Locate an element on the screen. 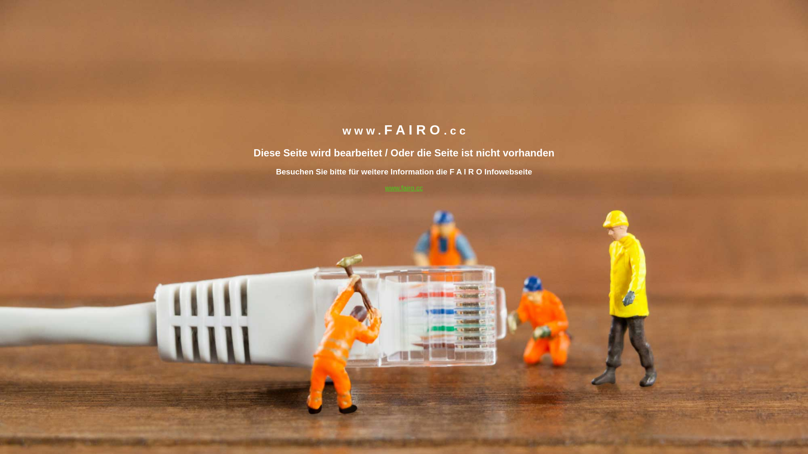  'www.fairo.cc' is located at coordinates (404, 187).